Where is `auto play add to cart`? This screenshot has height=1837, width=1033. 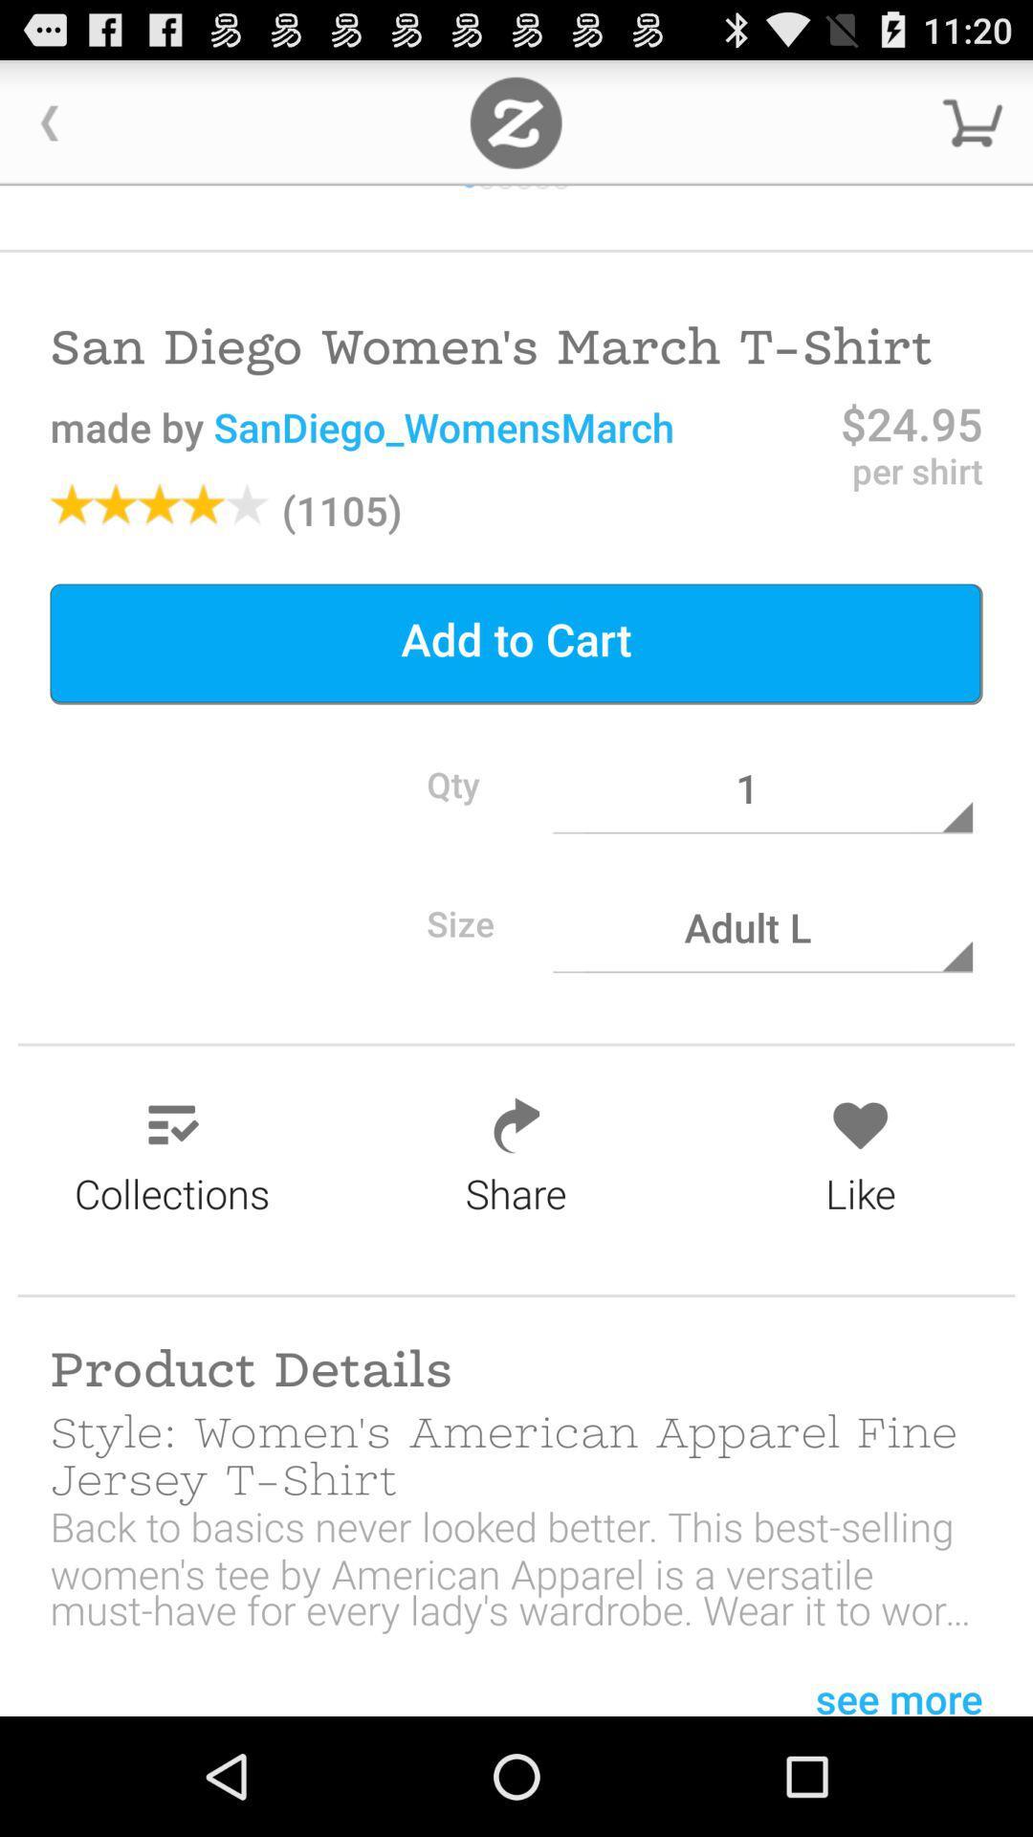
auto play add to cart is located at coordinates (515, 122).